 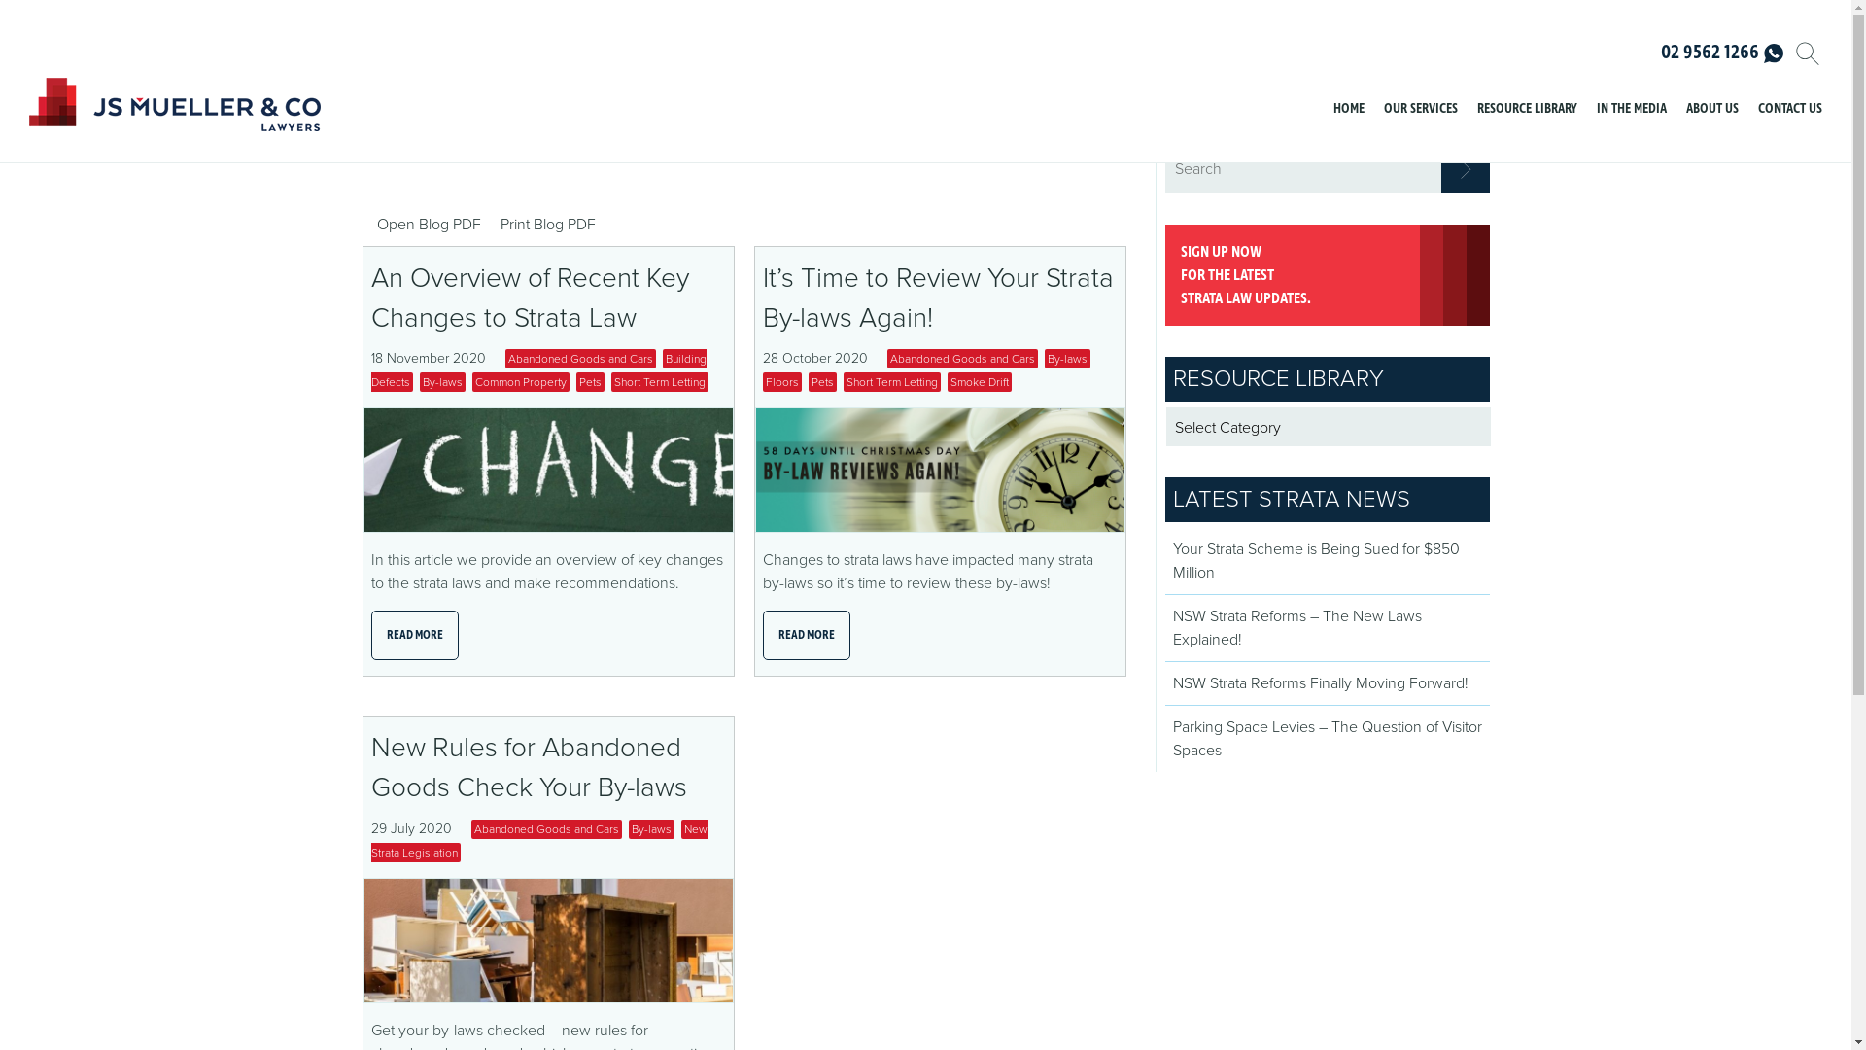 What do you see at coordinates (1320, 682) in the screenshot?
I see `'NSW Strata Reforms Finally Moving Forward!'` at bounding box center [1320, 682].